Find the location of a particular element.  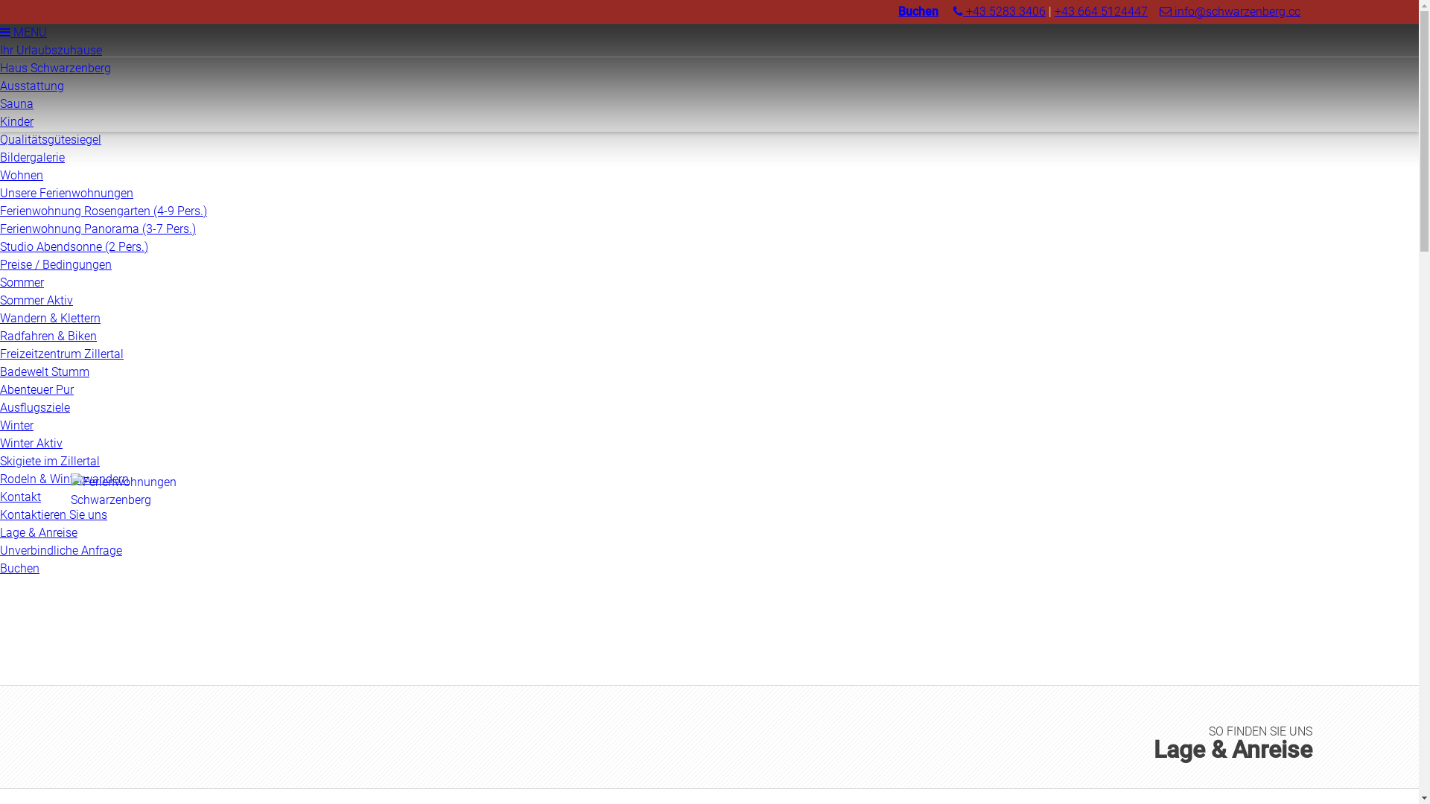

'Ferienwohnungen Schwarzenberg' is located at coordinates (138, 524).